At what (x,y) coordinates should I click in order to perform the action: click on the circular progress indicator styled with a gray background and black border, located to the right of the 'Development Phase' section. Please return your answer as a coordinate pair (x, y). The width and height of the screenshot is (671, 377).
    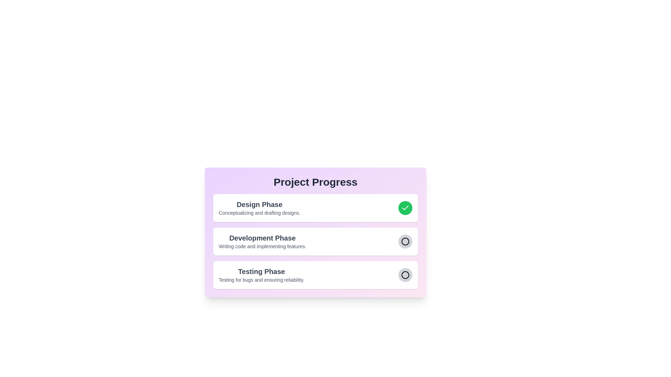
    Looking at the image, I should click on (403, 241).